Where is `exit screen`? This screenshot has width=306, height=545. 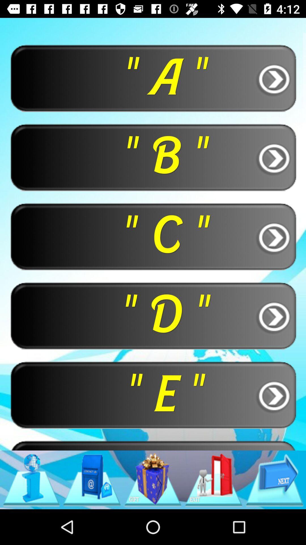
exit screen is located at coordinates (214, 479).